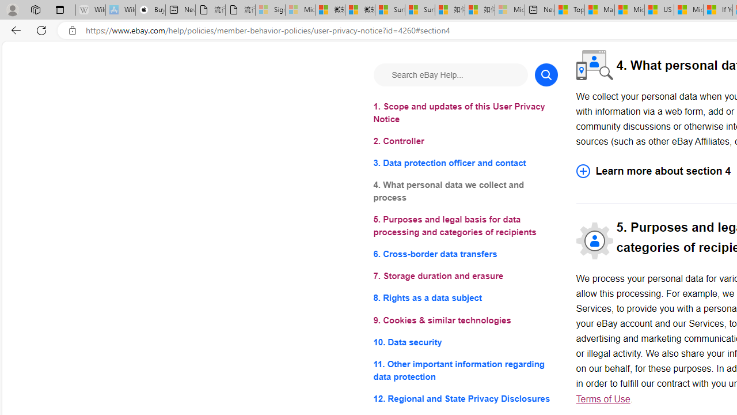 This screenshot has width=737, height=415. Describe the element at coordinates (465, 141) in the screenshot. I see `'2. Controller'` at that location.